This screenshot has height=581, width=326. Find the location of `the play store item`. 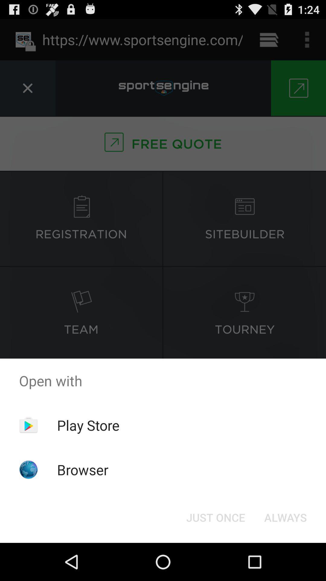

the play store item is located at coordinates (88, 425).